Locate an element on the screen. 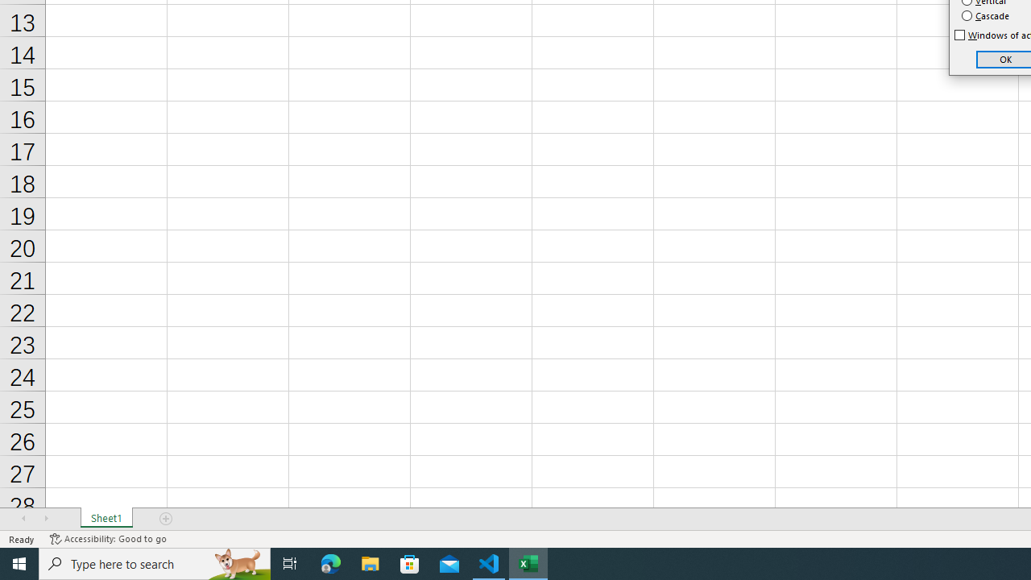 Image resolution: width=1031 pixels, height=580 pixels. 'Excel - 1 running window' is located at coordinates (528, 562).